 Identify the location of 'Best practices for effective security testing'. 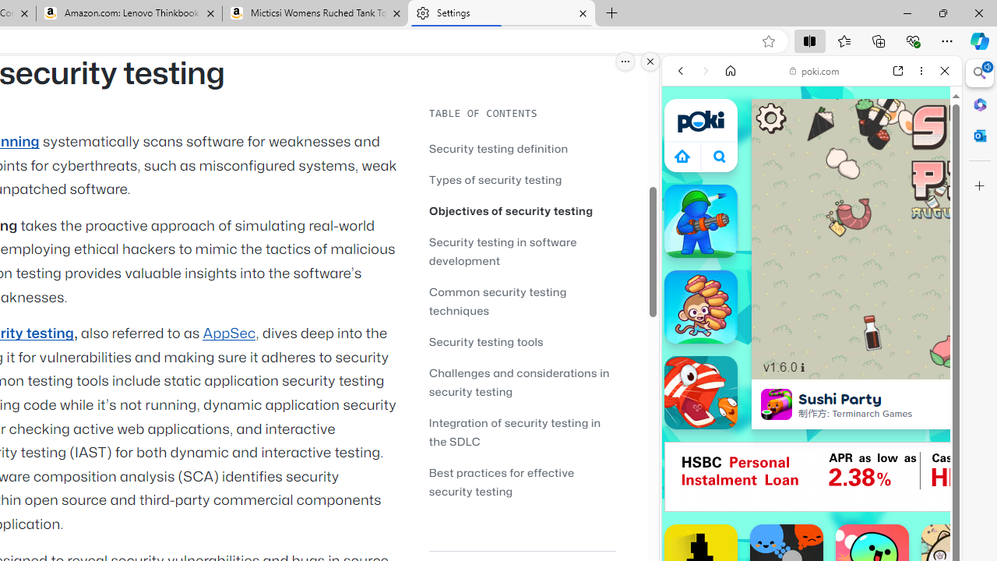
(502, 481).